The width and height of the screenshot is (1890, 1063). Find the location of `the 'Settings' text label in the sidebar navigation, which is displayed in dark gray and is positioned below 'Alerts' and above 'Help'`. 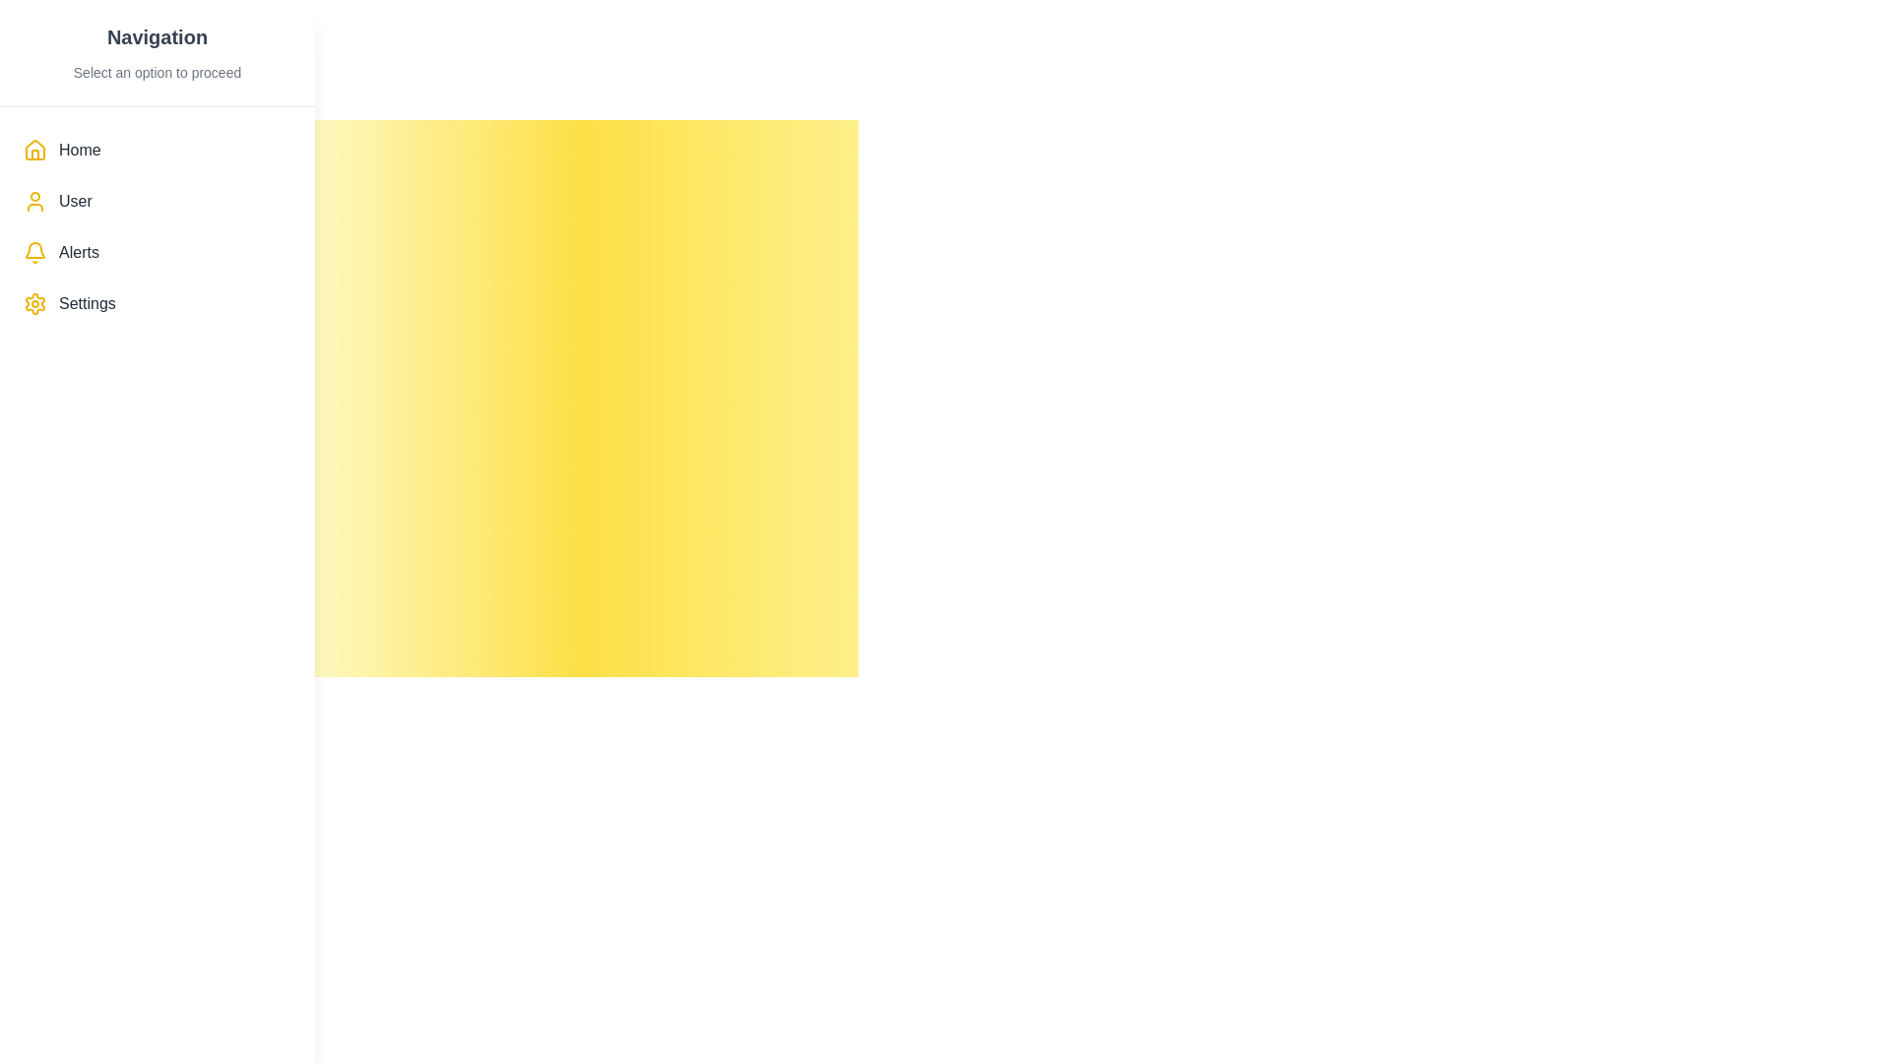

the 'Settings' text label in the sidebar navigation, which is displayed in dark gray and is positioned below 'Alerts' and above 'Help' is located at coordinates (86, 303).